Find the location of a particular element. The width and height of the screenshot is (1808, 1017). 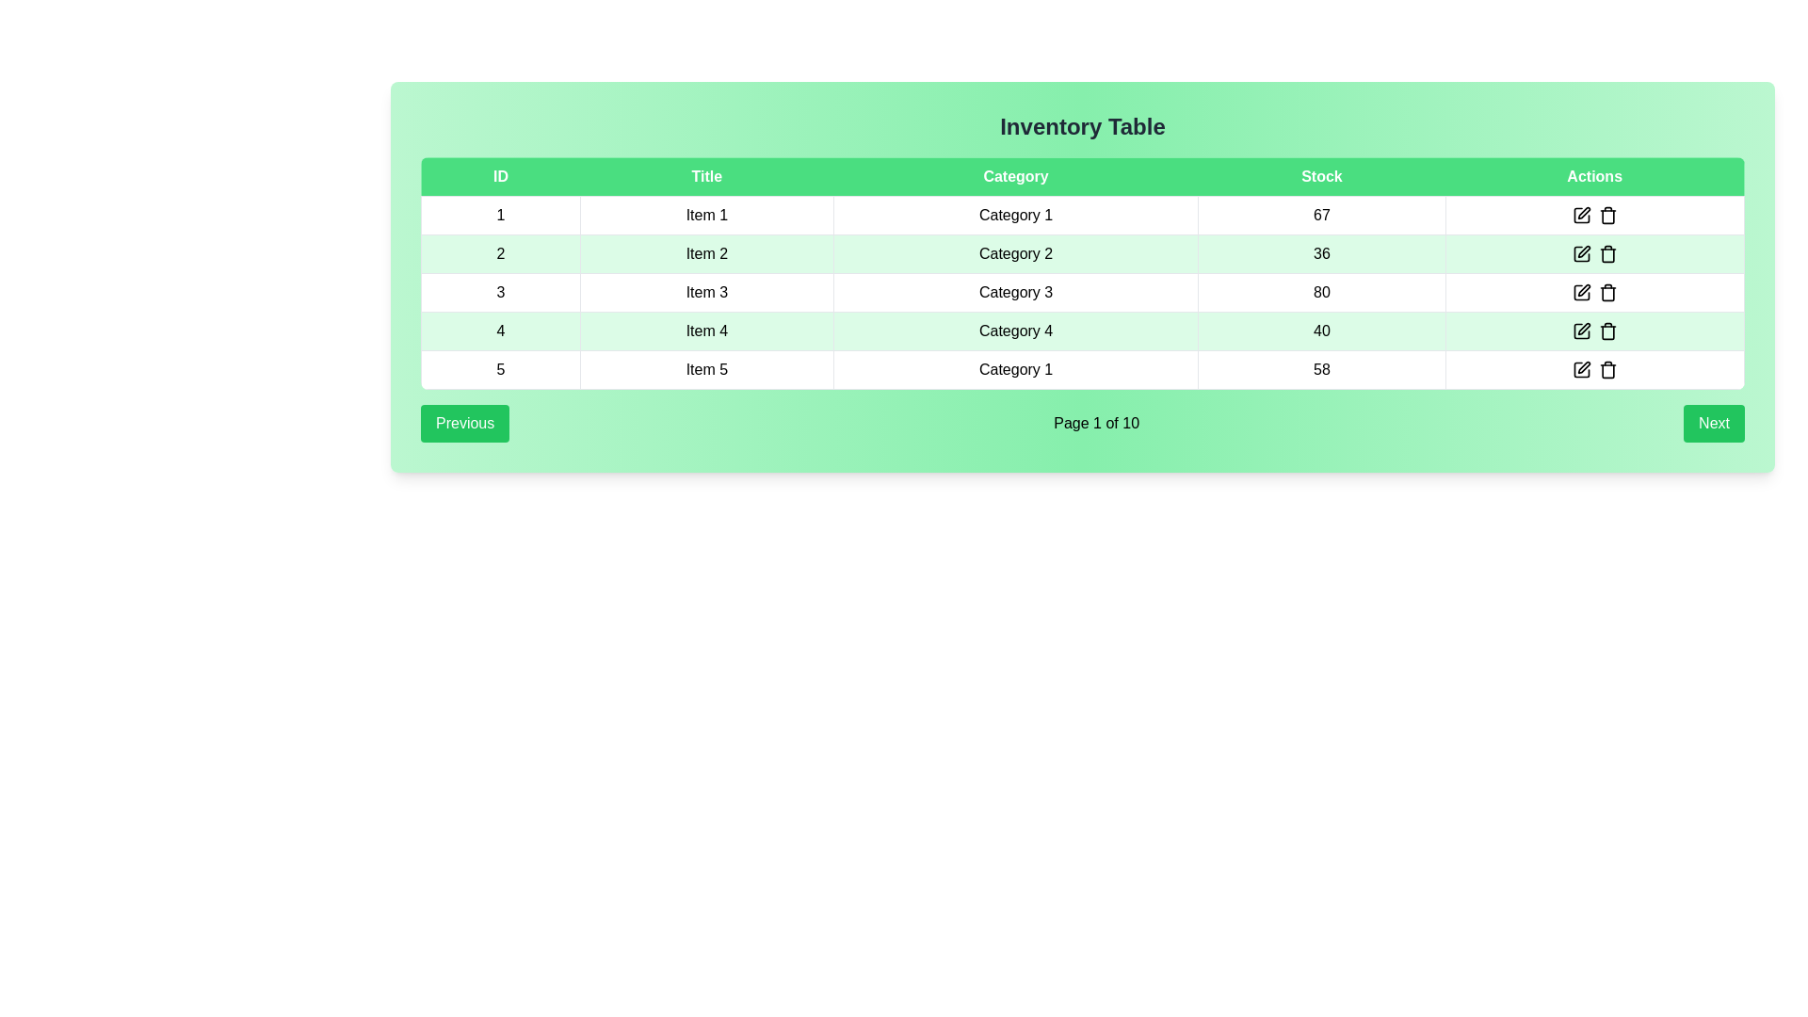

the edit button icon resembling a pen or pencil located in the fourth row of the 'Actions' column within the data table is located at coordinates (1581, 293).